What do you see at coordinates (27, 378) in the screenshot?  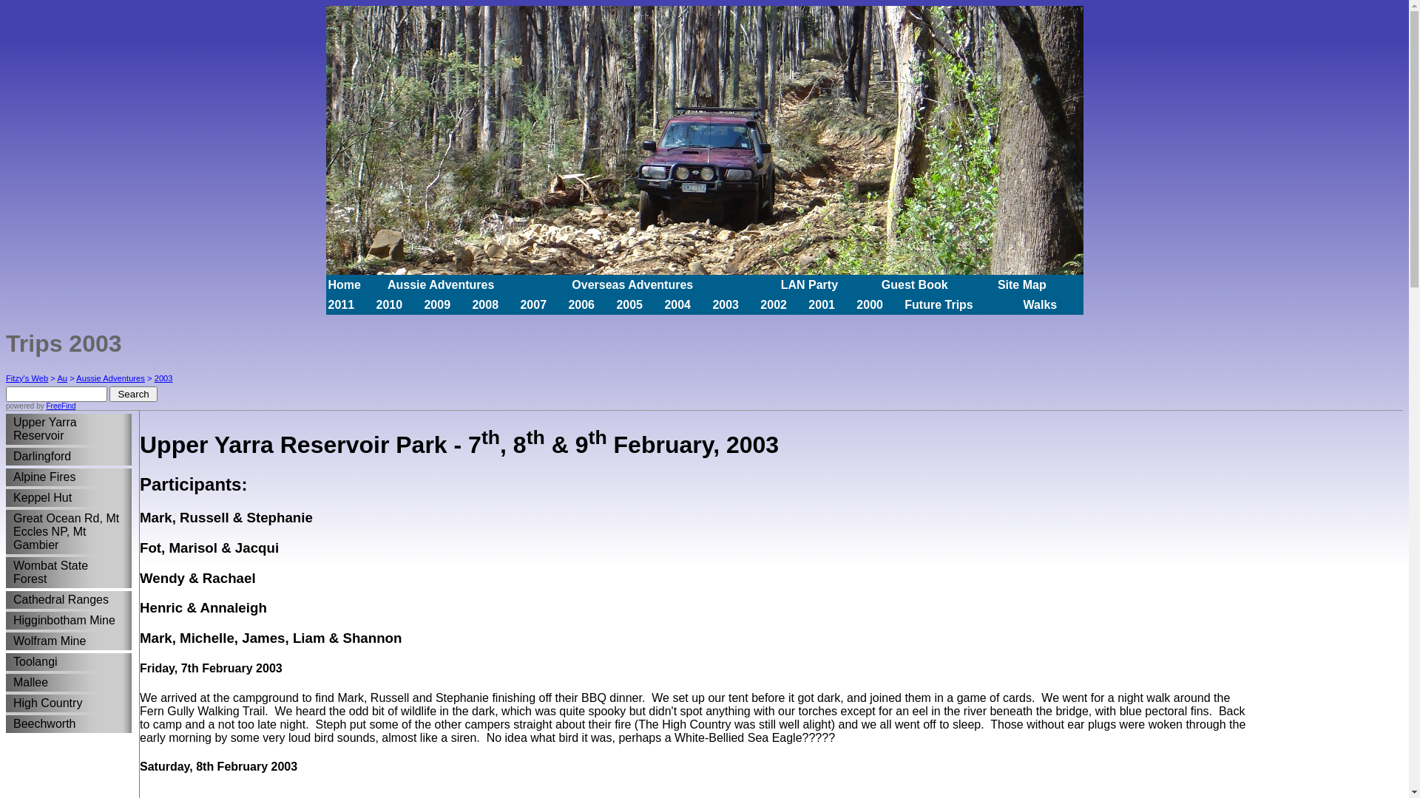 I see `'Fitzy's Web'` at bounding box center [27, 378].